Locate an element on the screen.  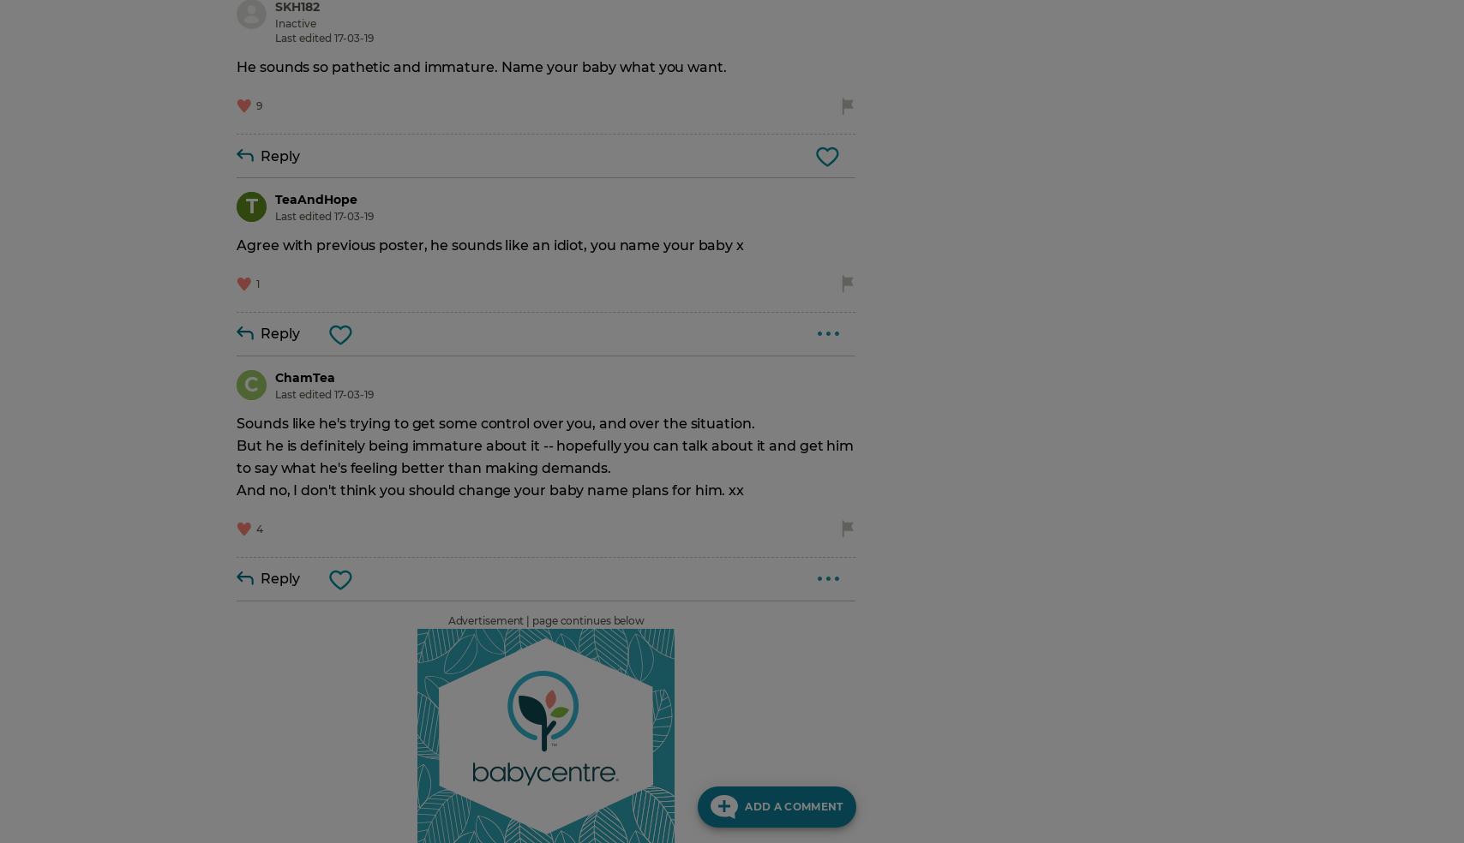
'Advertisement' is located at coordinates (447, 619).